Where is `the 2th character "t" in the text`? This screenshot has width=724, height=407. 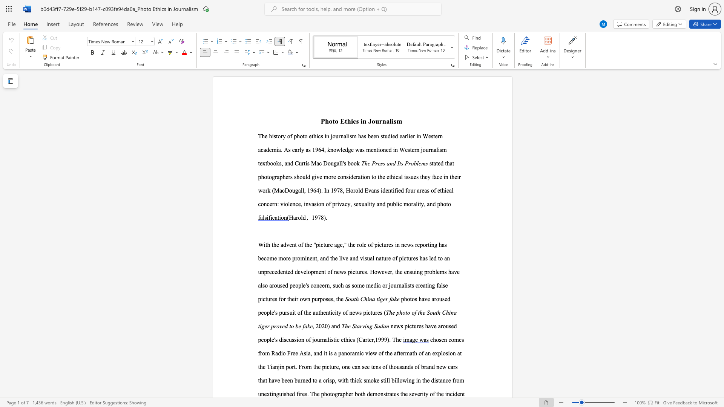 the 2th character "t" in the text is located at coordinates (453, 163).